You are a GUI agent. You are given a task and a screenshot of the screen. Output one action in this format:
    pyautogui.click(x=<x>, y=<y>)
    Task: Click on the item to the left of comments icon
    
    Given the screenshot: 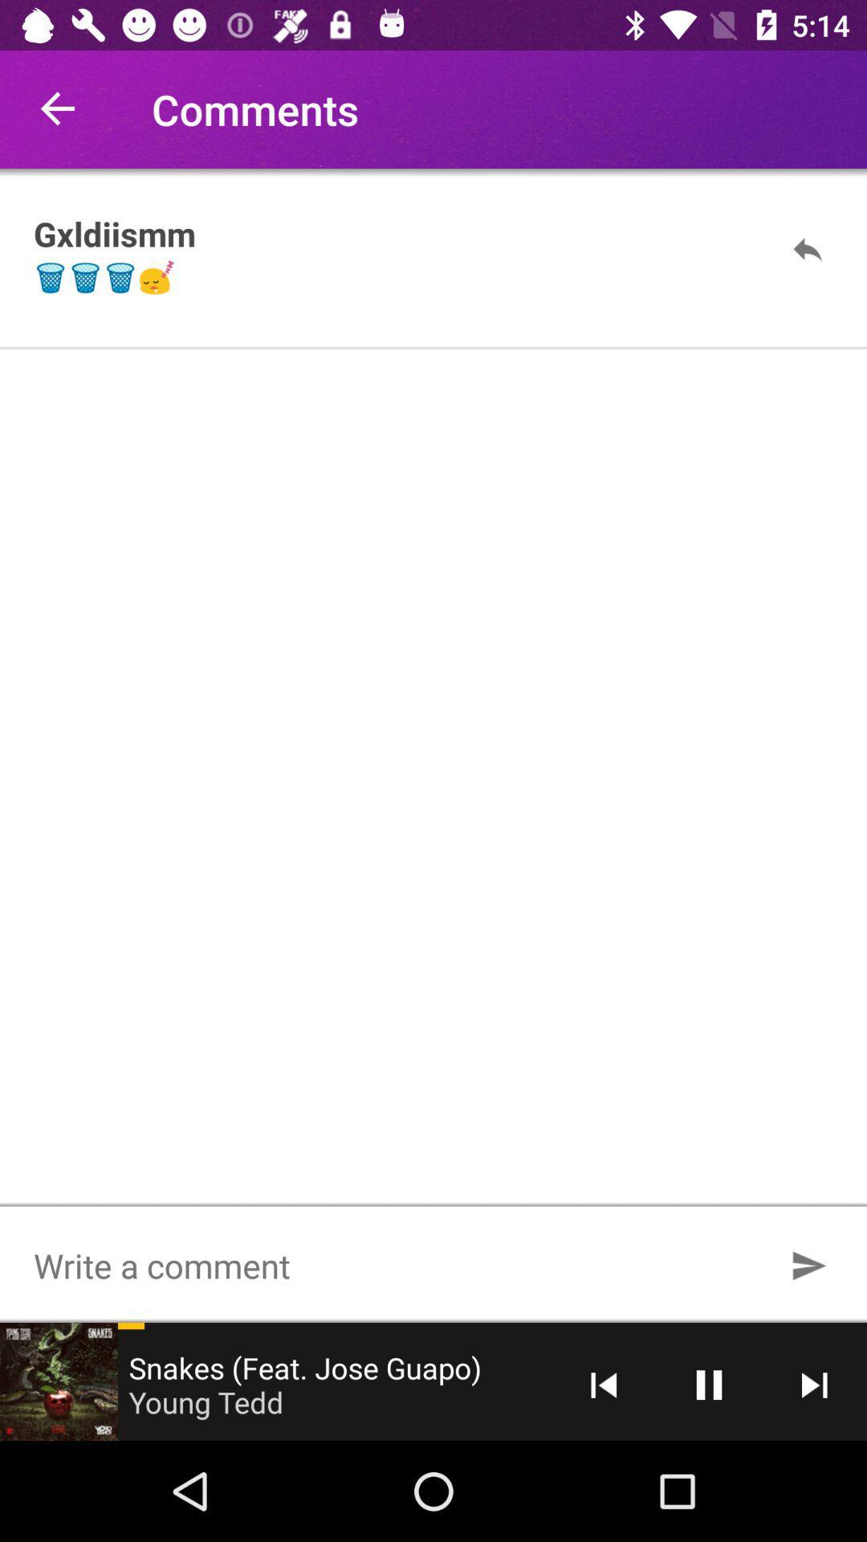 What is the action you would take?
    pyautogui.click(x=58, y=108)
    